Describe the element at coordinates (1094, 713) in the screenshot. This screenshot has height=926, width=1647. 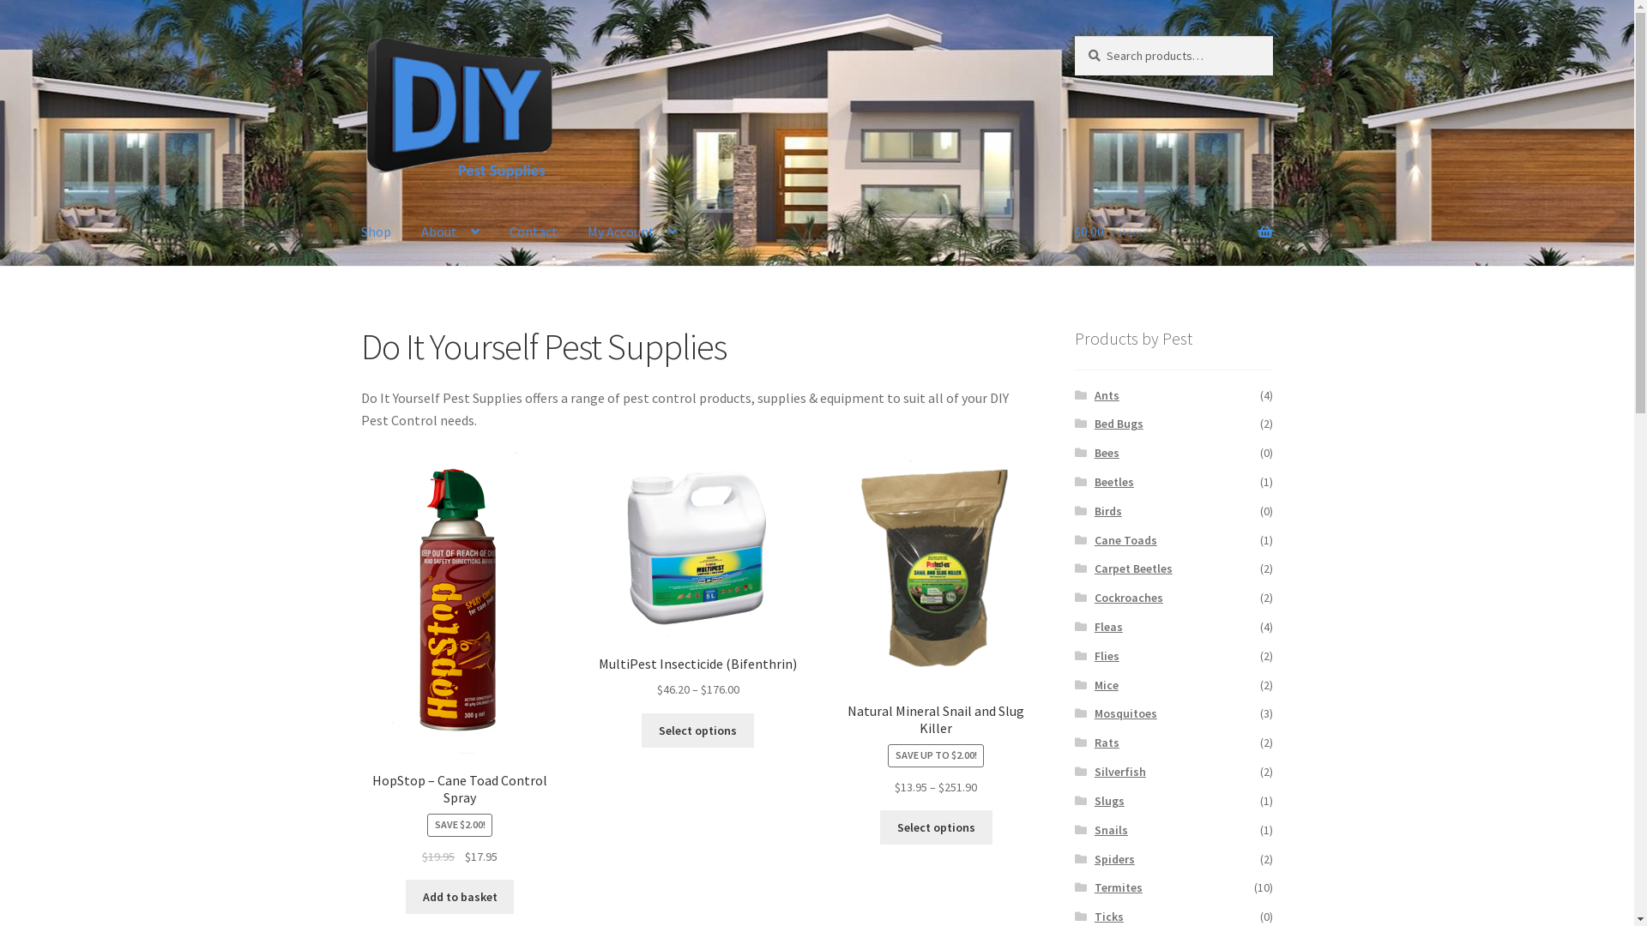
I see `'Mosquitoes'` at that location.